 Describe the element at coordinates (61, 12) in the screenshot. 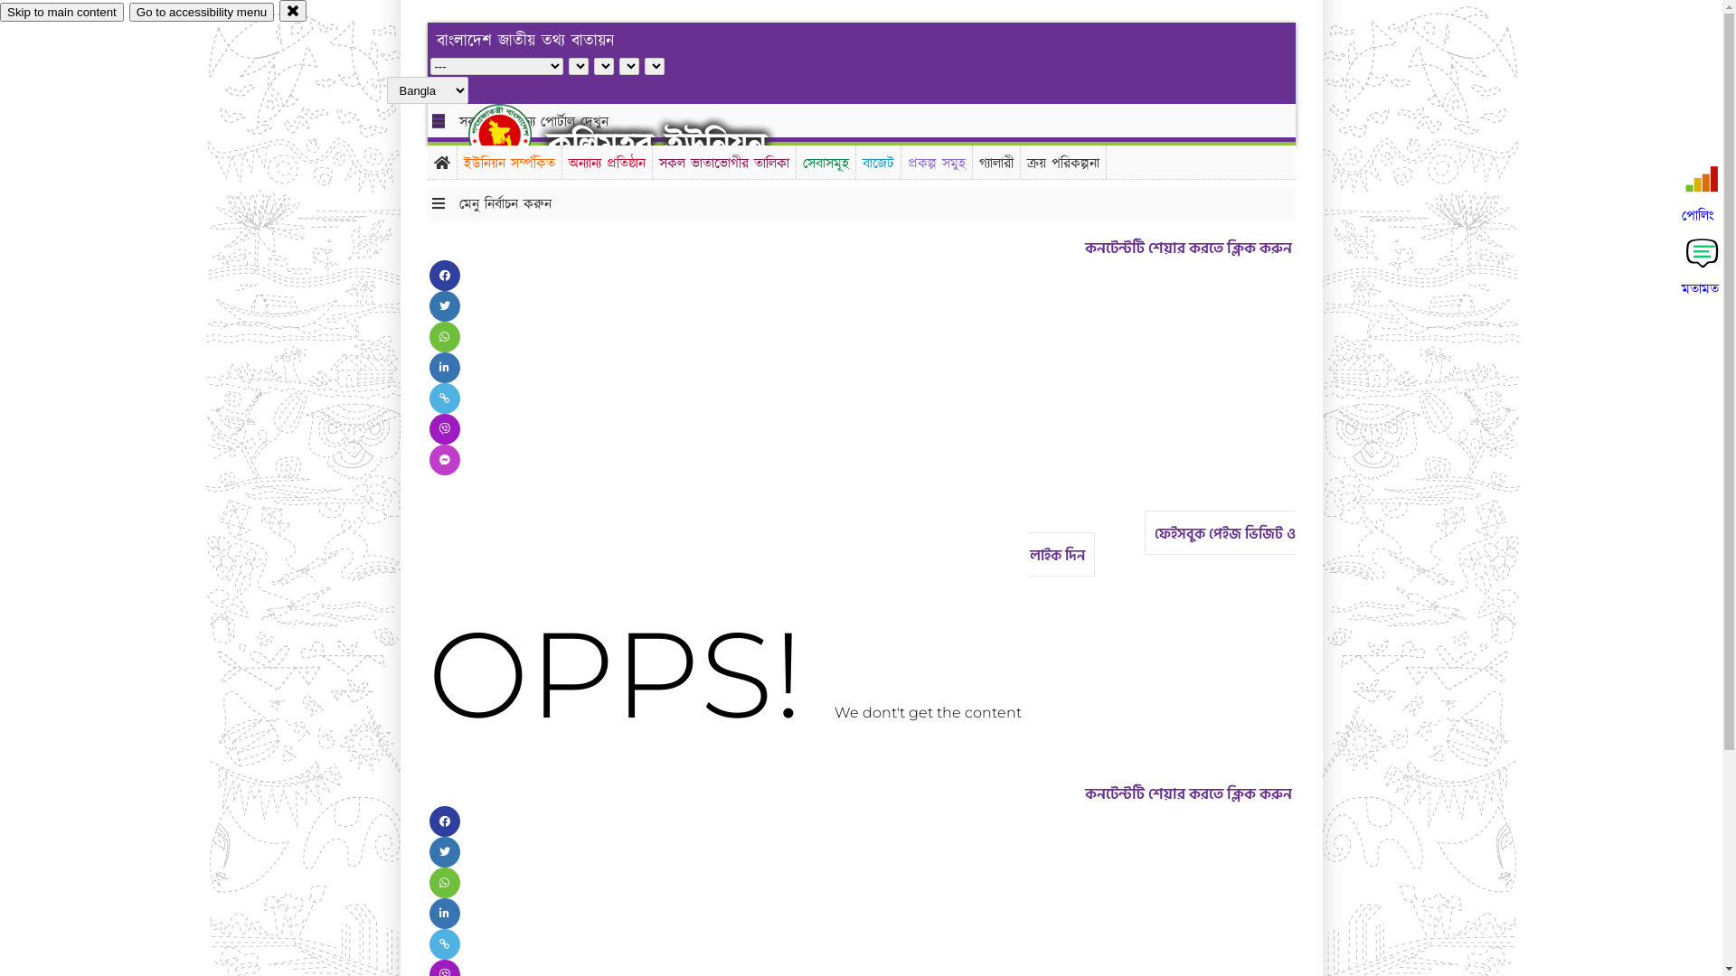

I see `'Skip to main content'` at that location.